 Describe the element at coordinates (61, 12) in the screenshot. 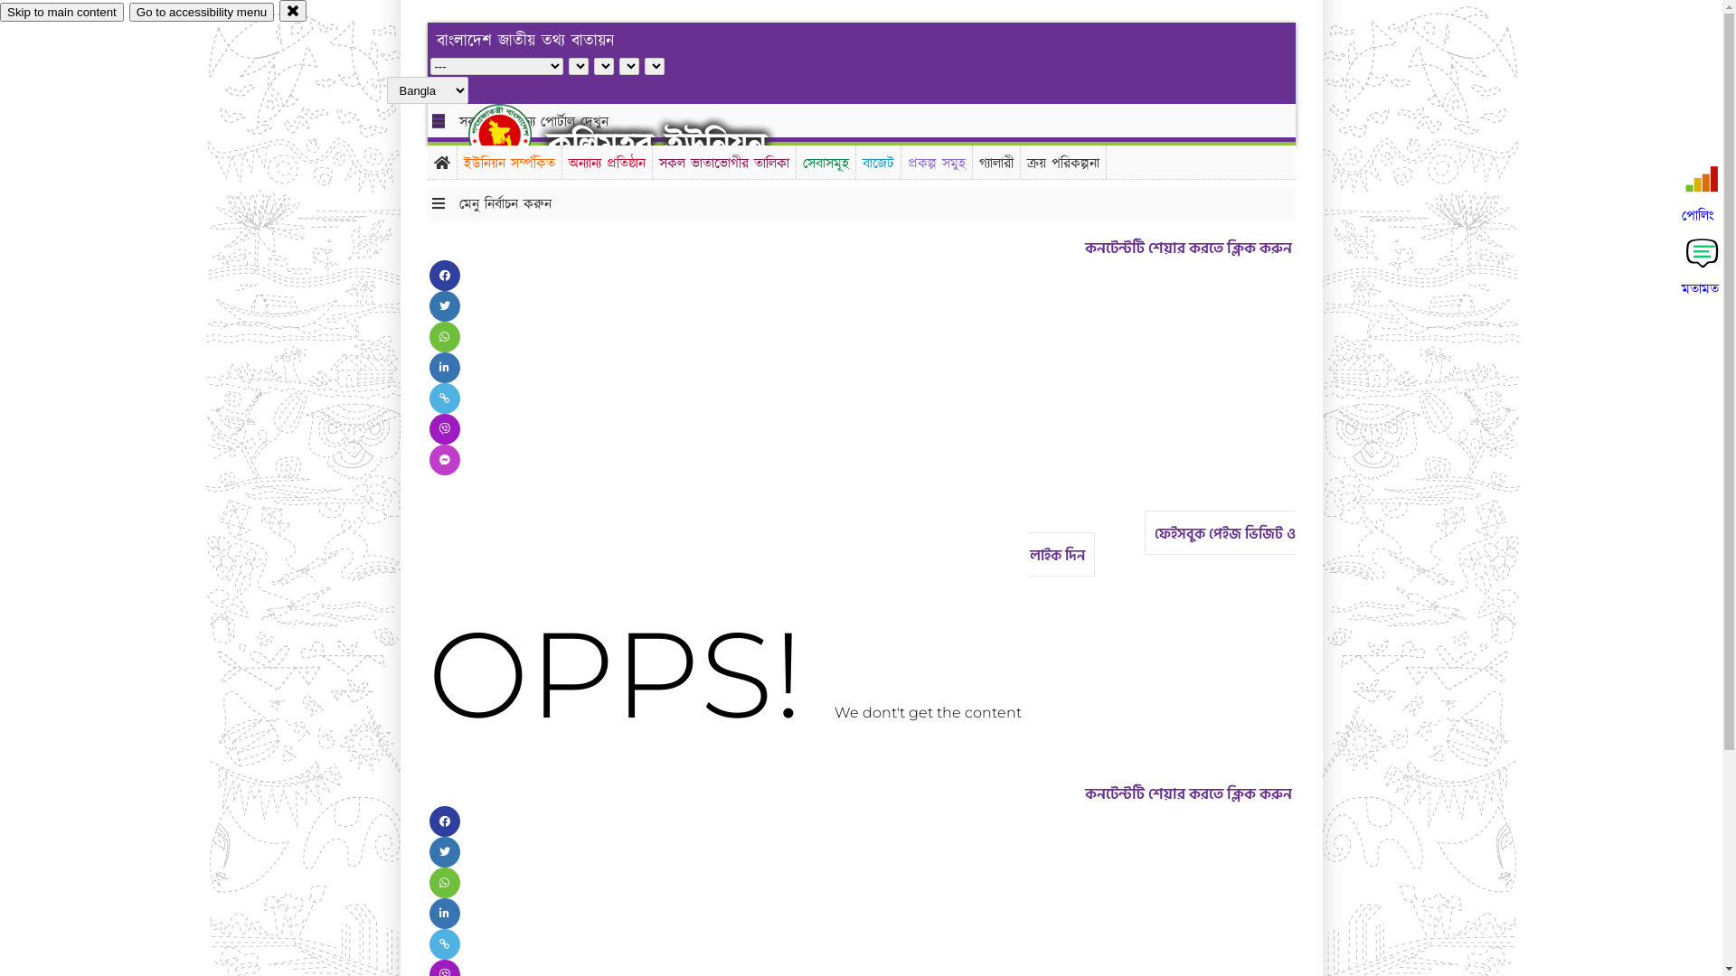

I see `'Skip to main content'` at that location.